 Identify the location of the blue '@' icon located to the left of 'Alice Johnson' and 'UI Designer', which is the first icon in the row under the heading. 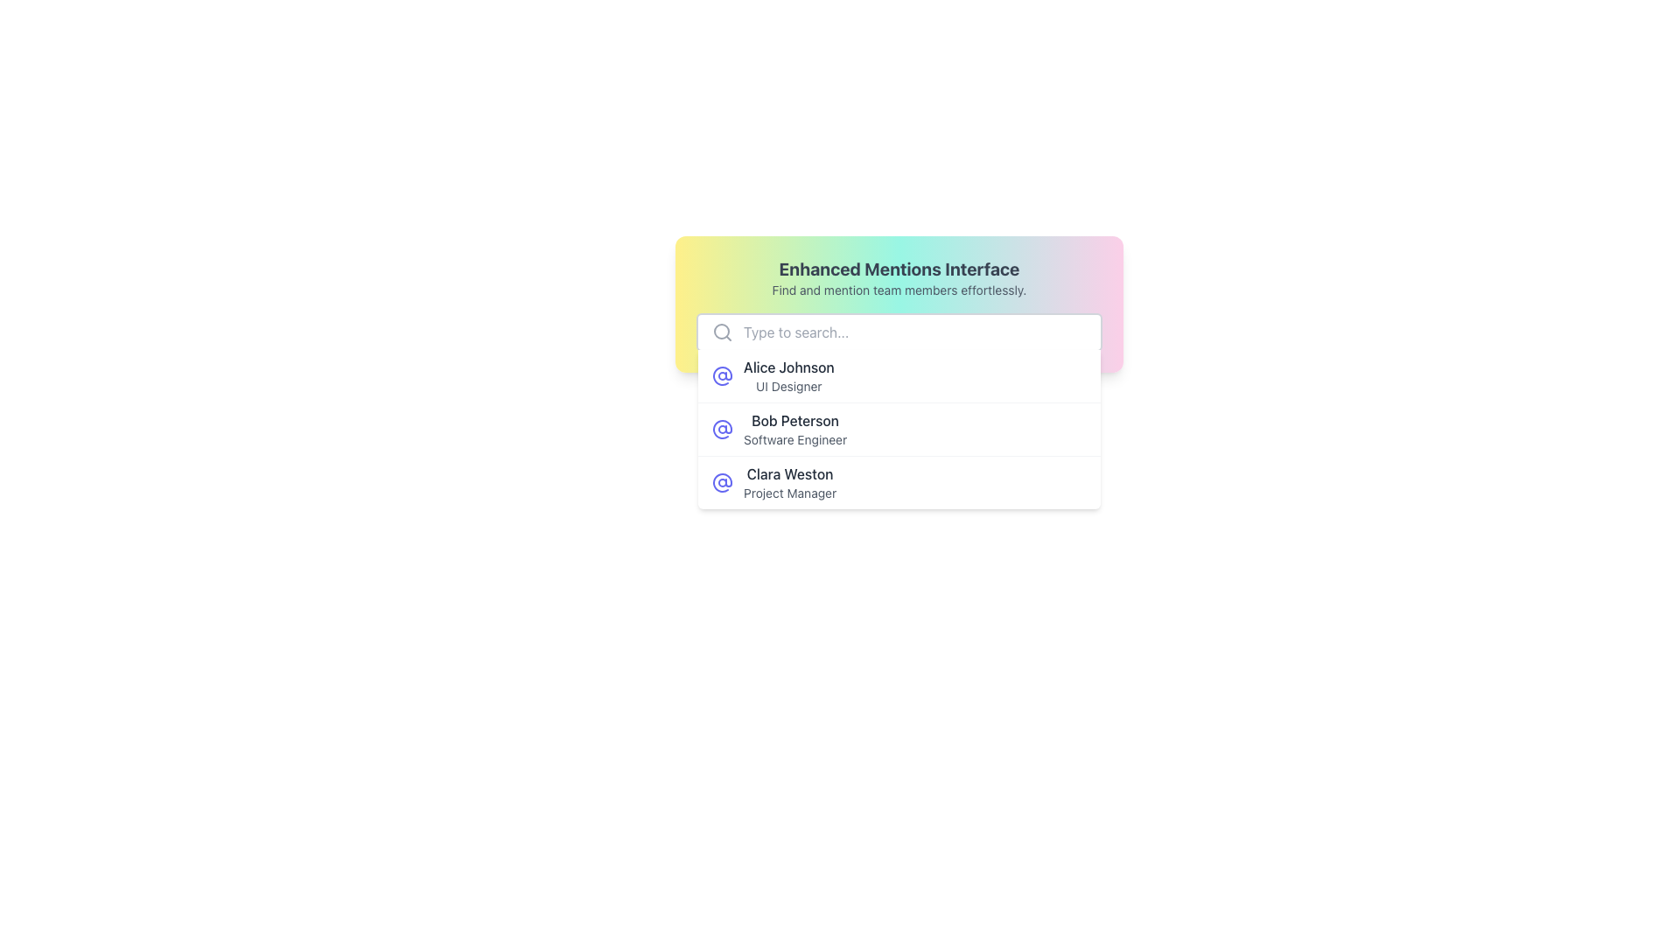
(722, 374).